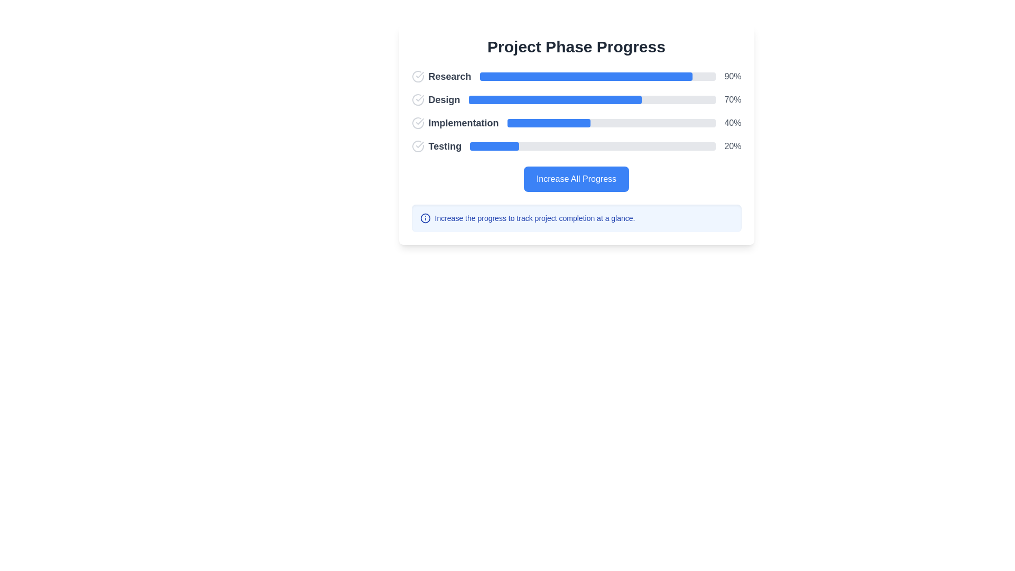 The width and height of the screenshot is (1015, 571). Describe the element at coordinates (598, 76) in the screenshot. I see `the horizontal progress bar with rounded edges located under the 'Research' label in the 'Project Phase Progress' section, which visually indicates progress for Research` at that location.